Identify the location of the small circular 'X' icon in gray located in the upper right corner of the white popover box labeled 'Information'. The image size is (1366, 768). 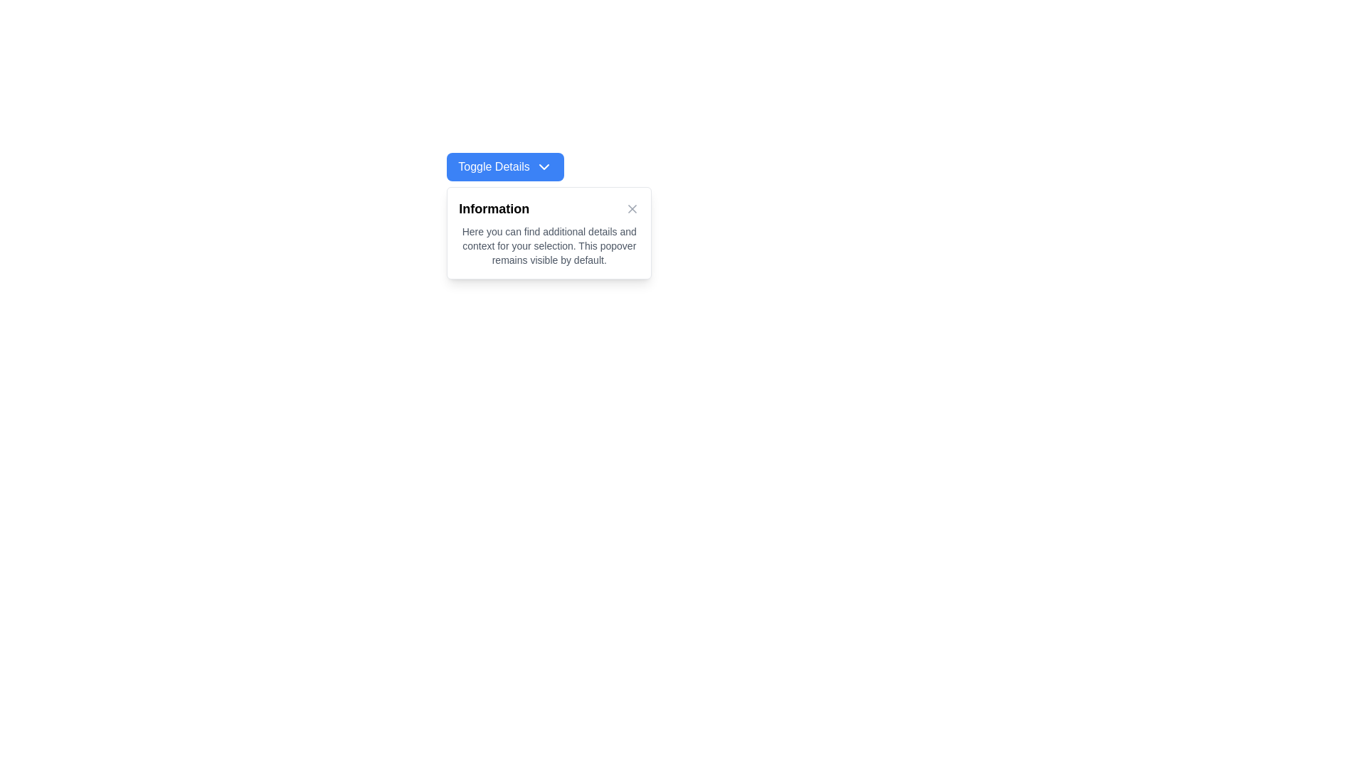
(632, 208).